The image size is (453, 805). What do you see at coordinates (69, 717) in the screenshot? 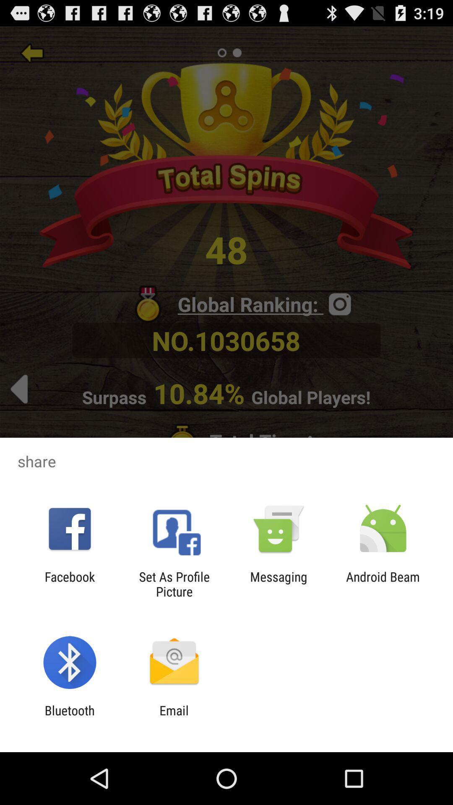
I see `item to the left of the email app` at bounding box center [69, 717].